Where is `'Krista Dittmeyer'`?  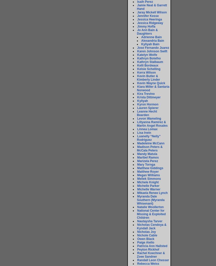
'Krista Dittmeyer' is located at coordinates (149, 97).